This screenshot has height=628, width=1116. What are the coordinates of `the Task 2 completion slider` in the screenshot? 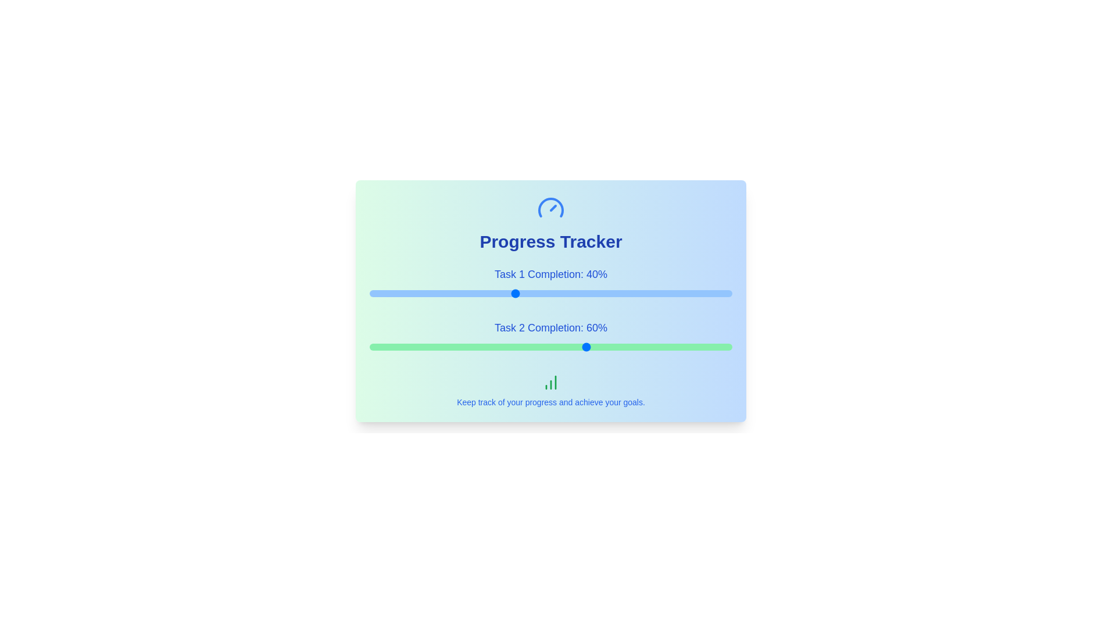 It's located at (539, 347).